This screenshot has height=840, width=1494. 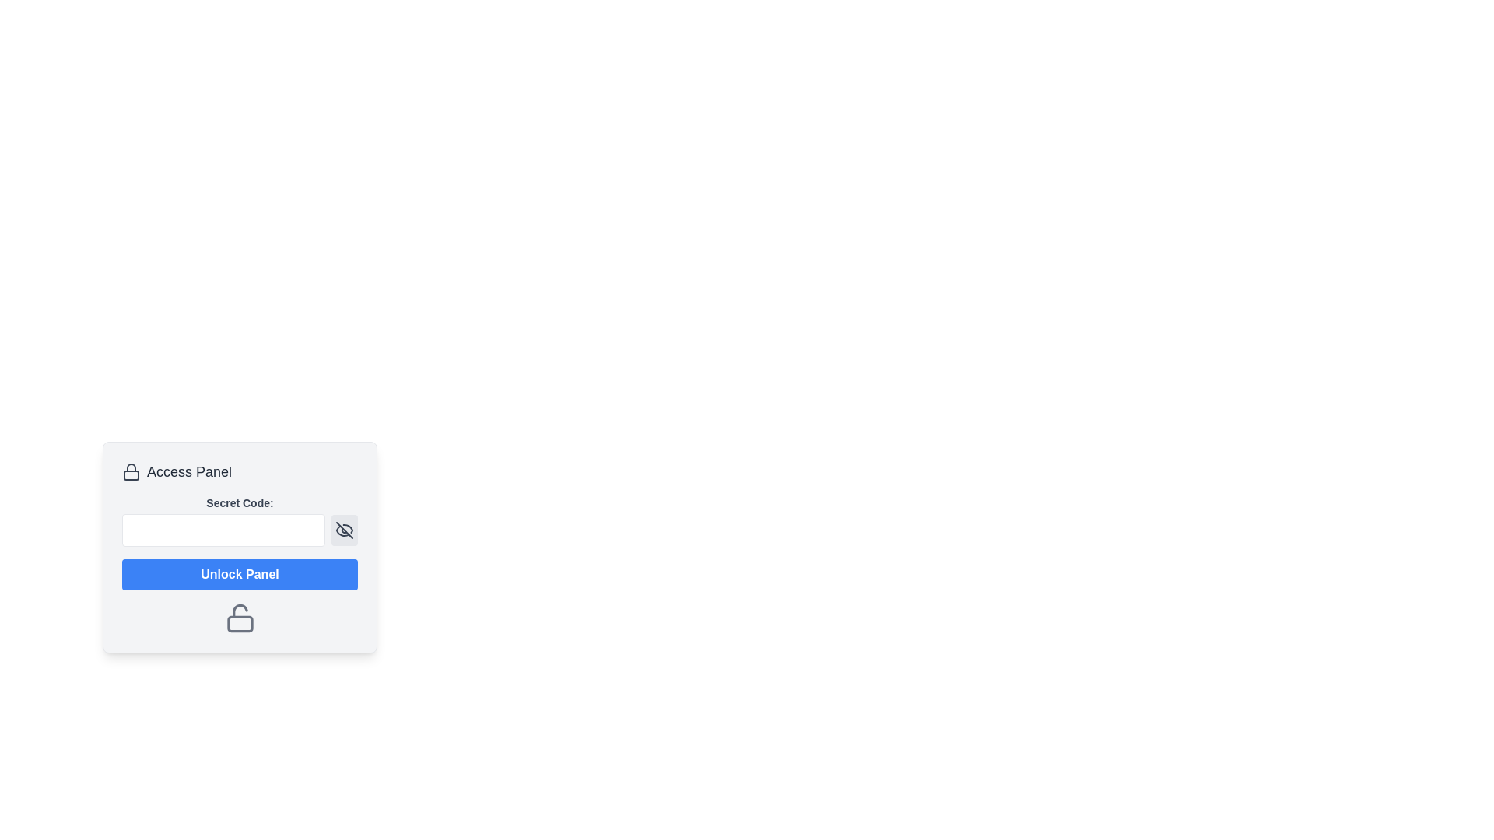 What do you see at coordinates (131, 467) in the screenshot?
I see `the top curved part of the lock icon in the 'Access Panel', which is a decorative element and non-interactive` at bounding box center [131, 467].